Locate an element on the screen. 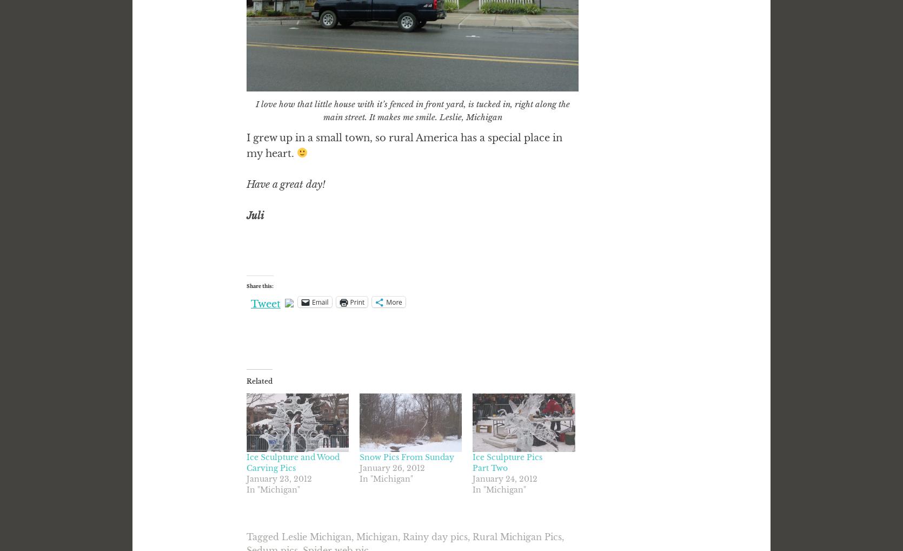 This screenshot has width=903, height=551. 'I love how that little house with it’s fenced in front yard, is tucked in, right along the main street. It makes me smile. Leslie, Michigan' is located at coordinates (411, 110).